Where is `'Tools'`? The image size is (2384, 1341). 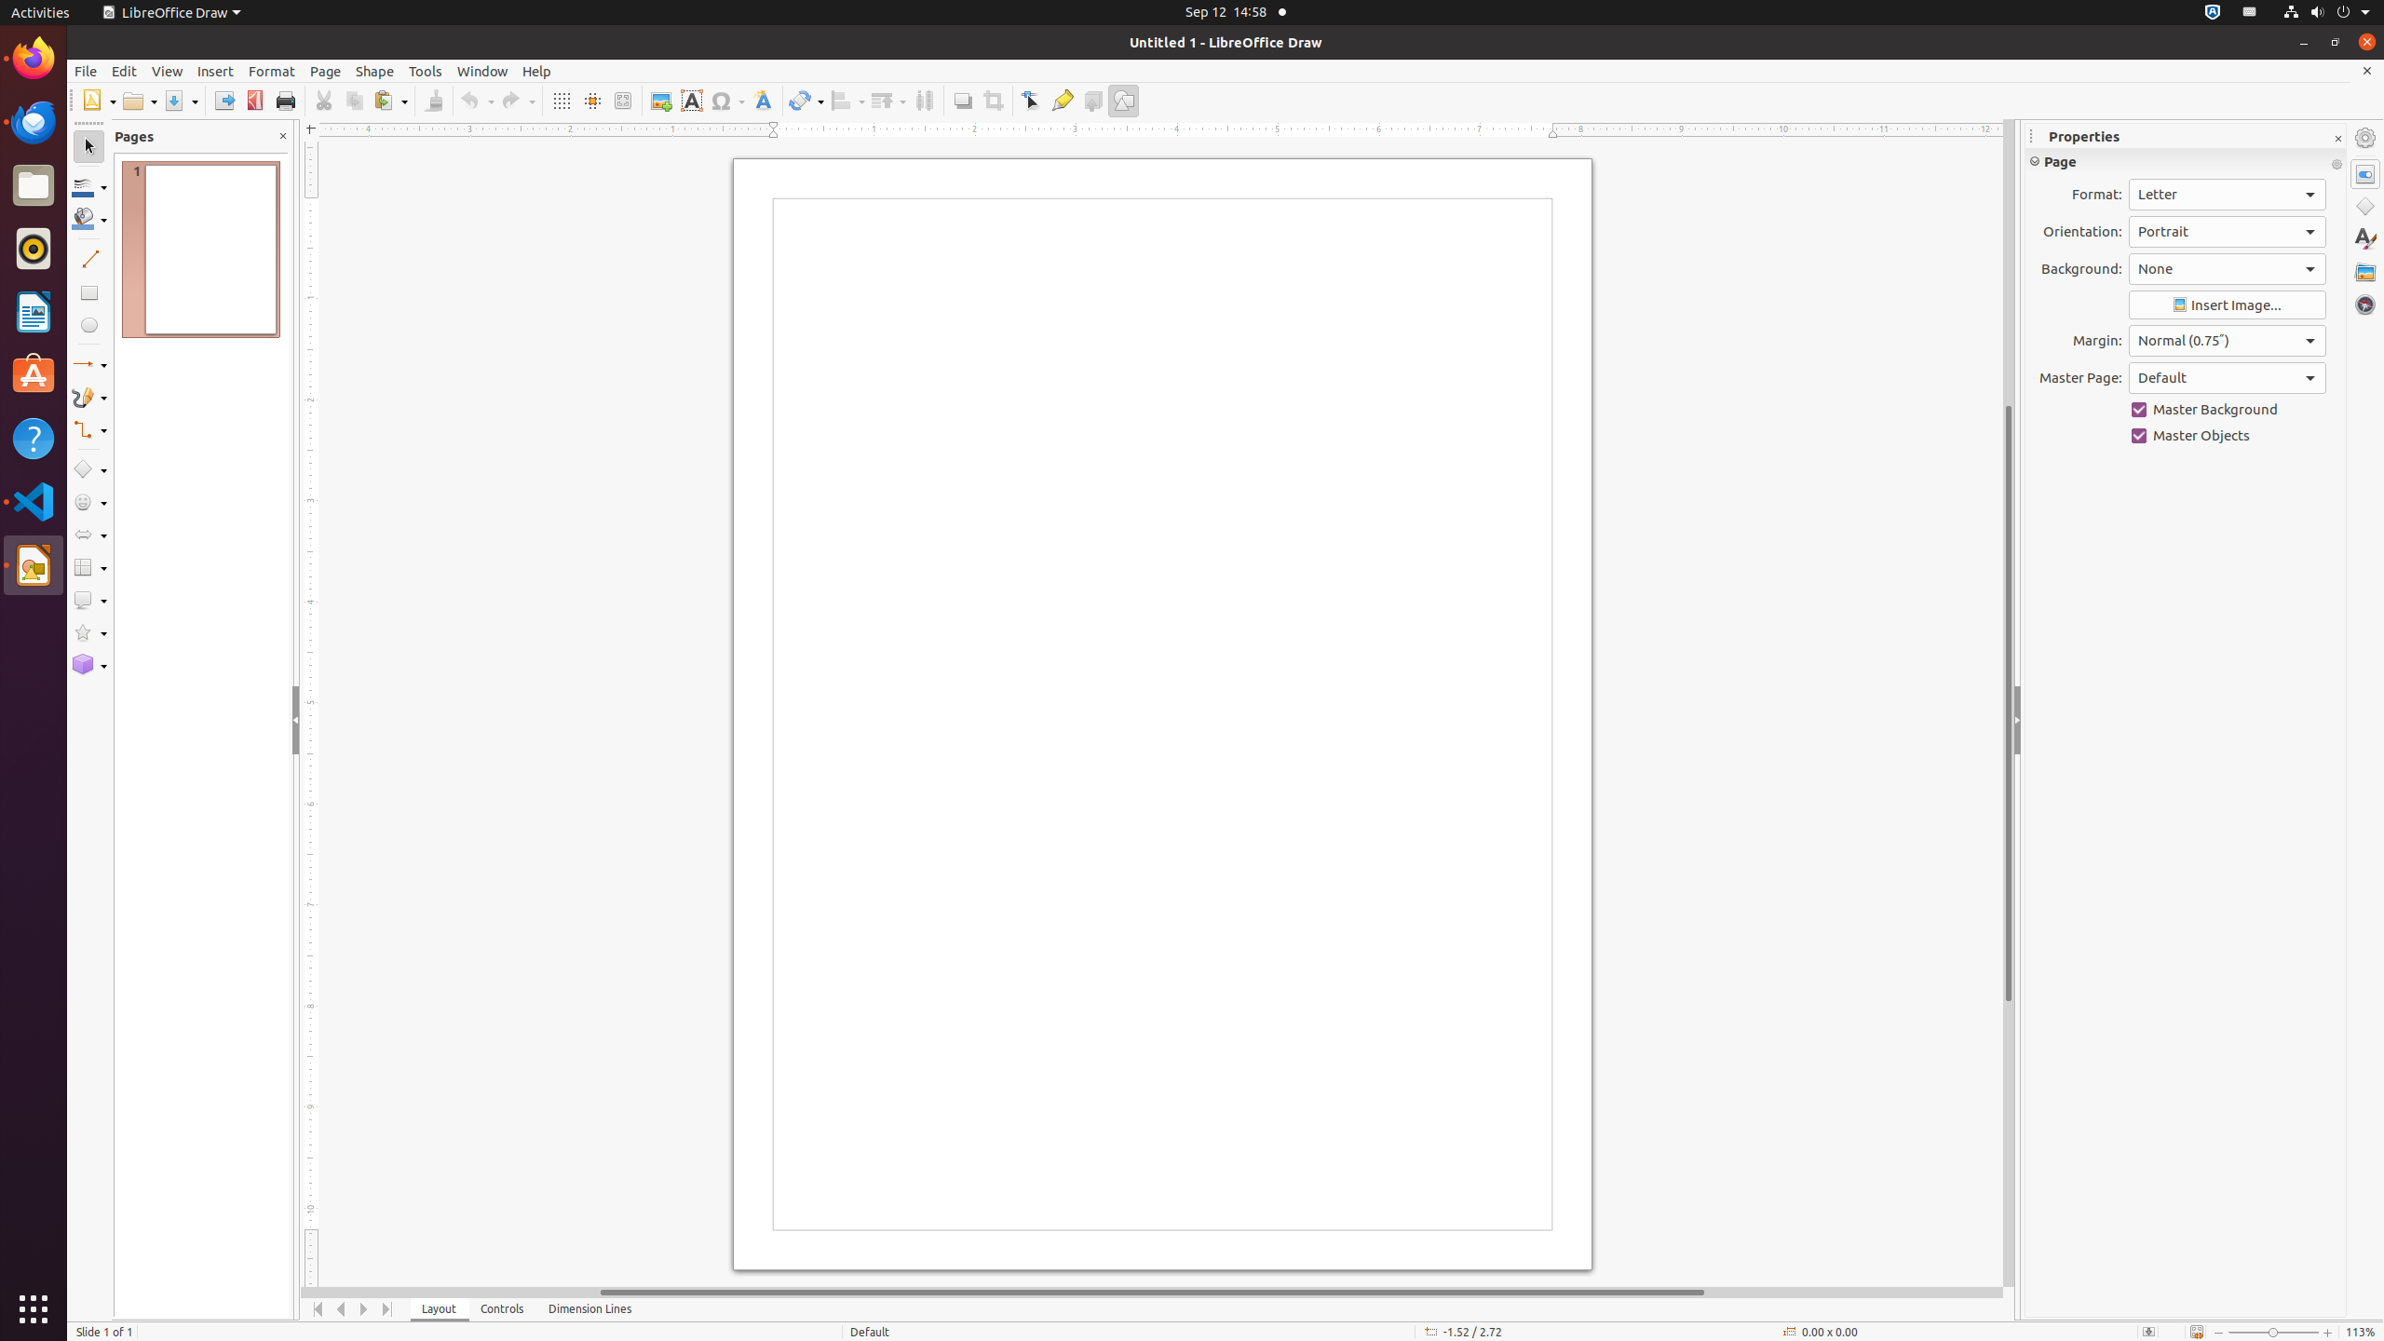 'Tools' is located at coordinates (425, 71).